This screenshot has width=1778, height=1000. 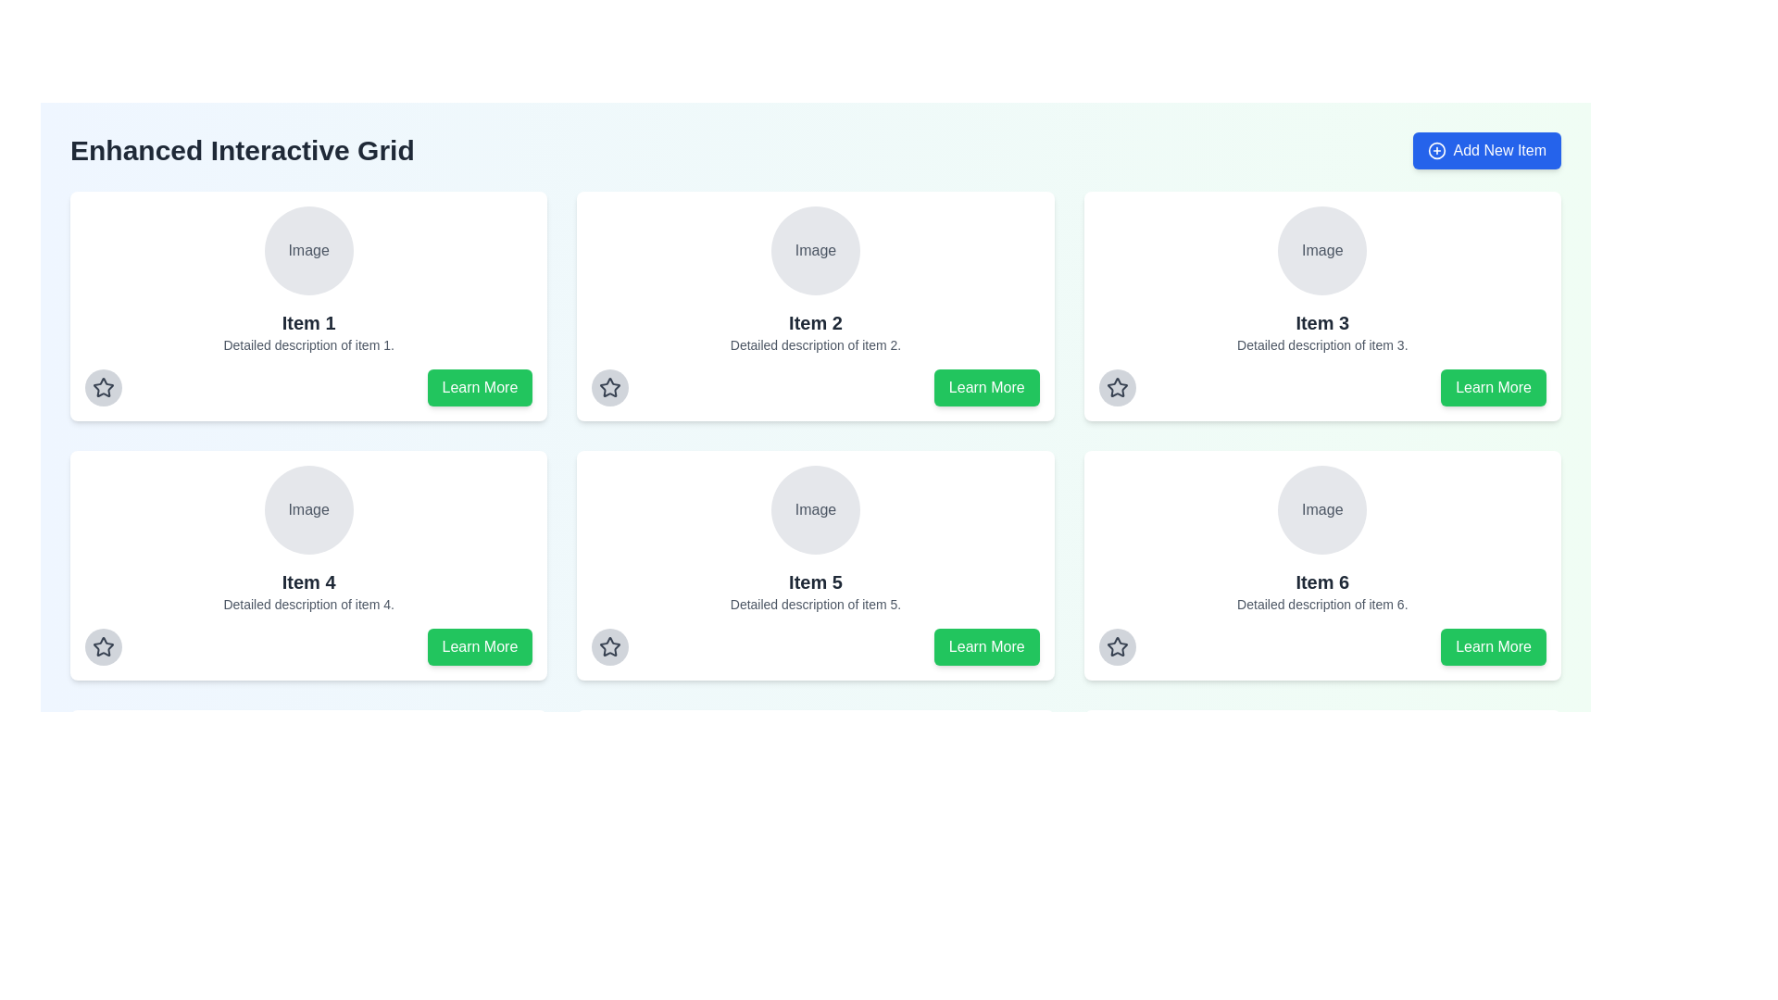 I want to click on the text label providing supplementary information about 'Item 3', located below the title and above the 'Learn More' button, so click(x=1321, y=345).